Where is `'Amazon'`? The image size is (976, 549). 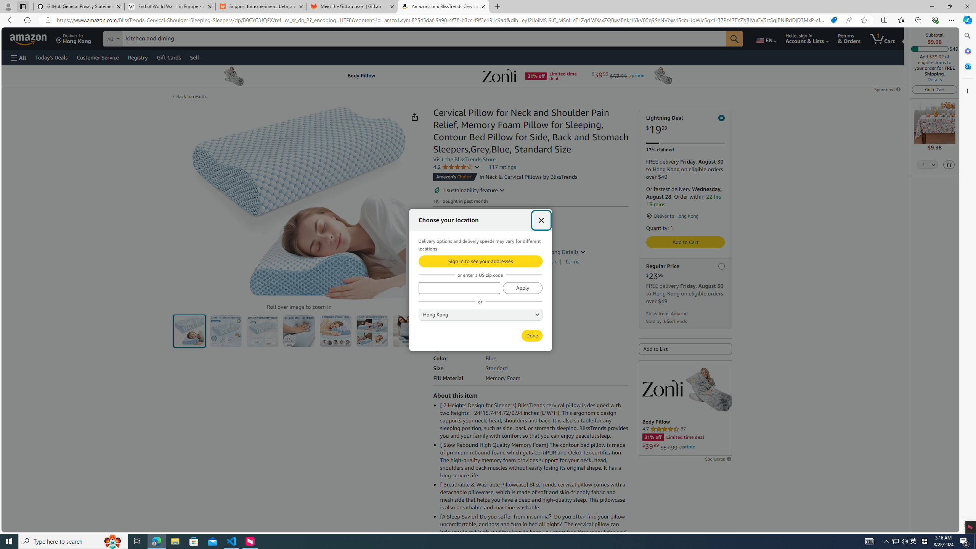 'Amazon' is located at coordinates (29, 38).